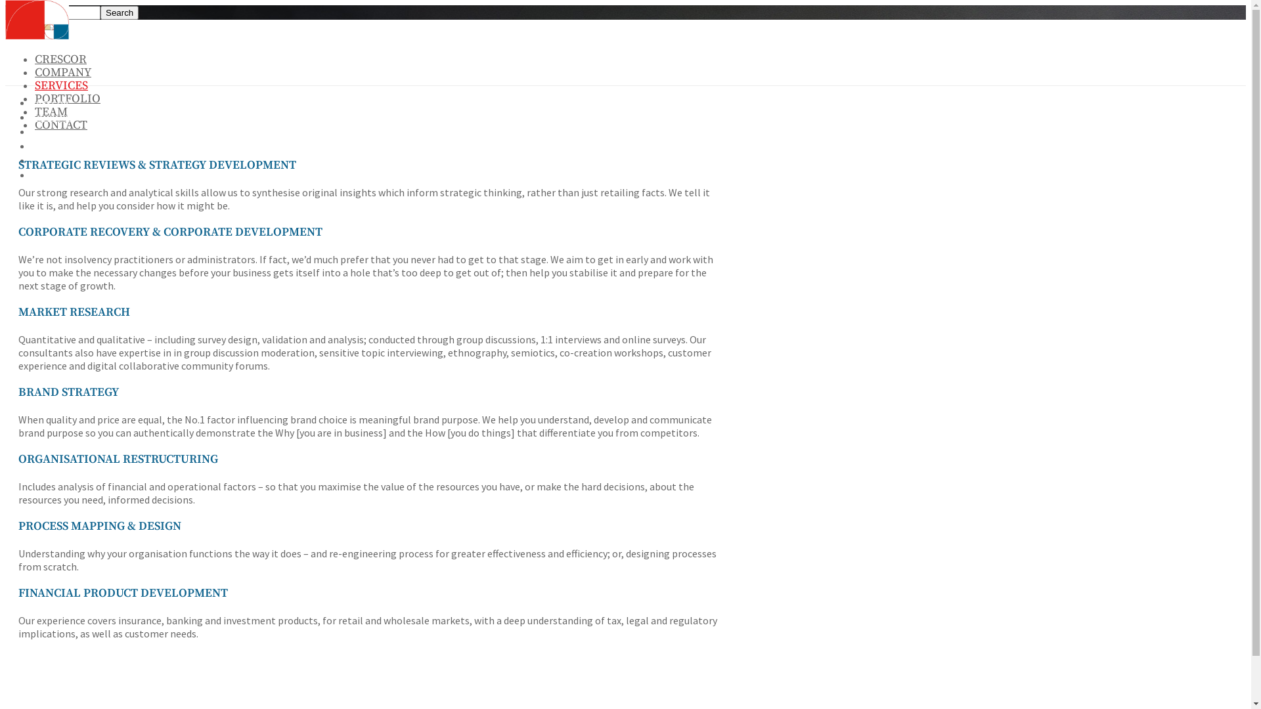  What do you see at coordinates (55, 146) in the screenshot?
I see `'PORTFOLIO'` at bounding box center [55, 146].